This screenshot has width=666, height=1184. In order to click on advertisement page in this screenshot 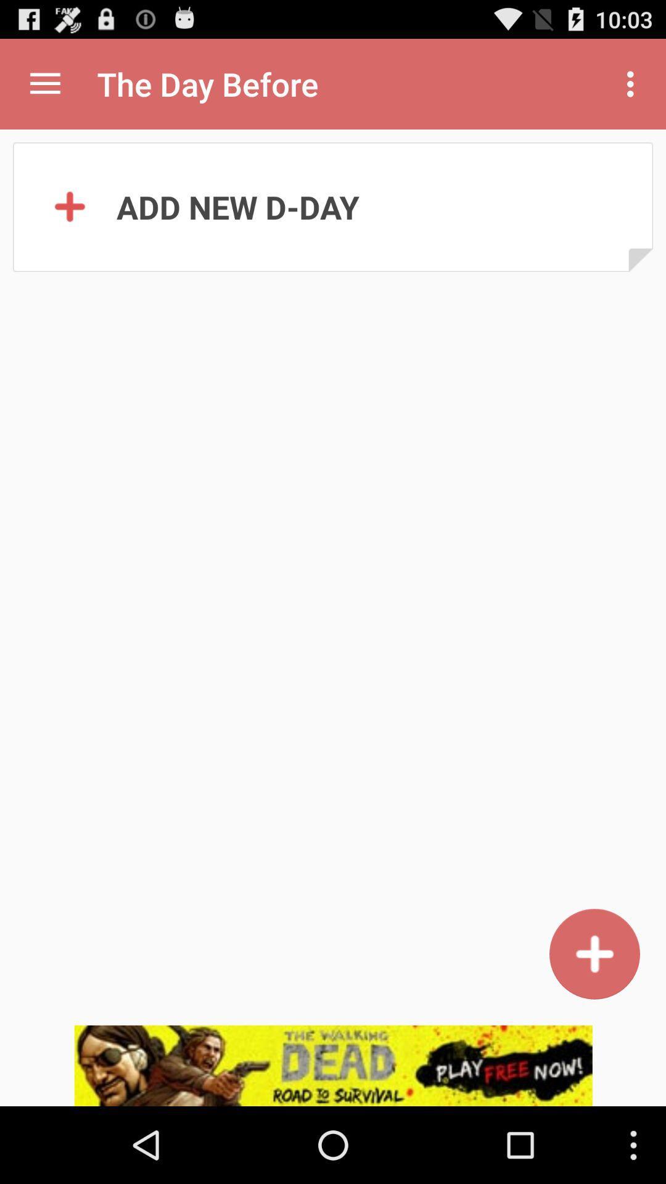, I will do `click(333, 1065)`.